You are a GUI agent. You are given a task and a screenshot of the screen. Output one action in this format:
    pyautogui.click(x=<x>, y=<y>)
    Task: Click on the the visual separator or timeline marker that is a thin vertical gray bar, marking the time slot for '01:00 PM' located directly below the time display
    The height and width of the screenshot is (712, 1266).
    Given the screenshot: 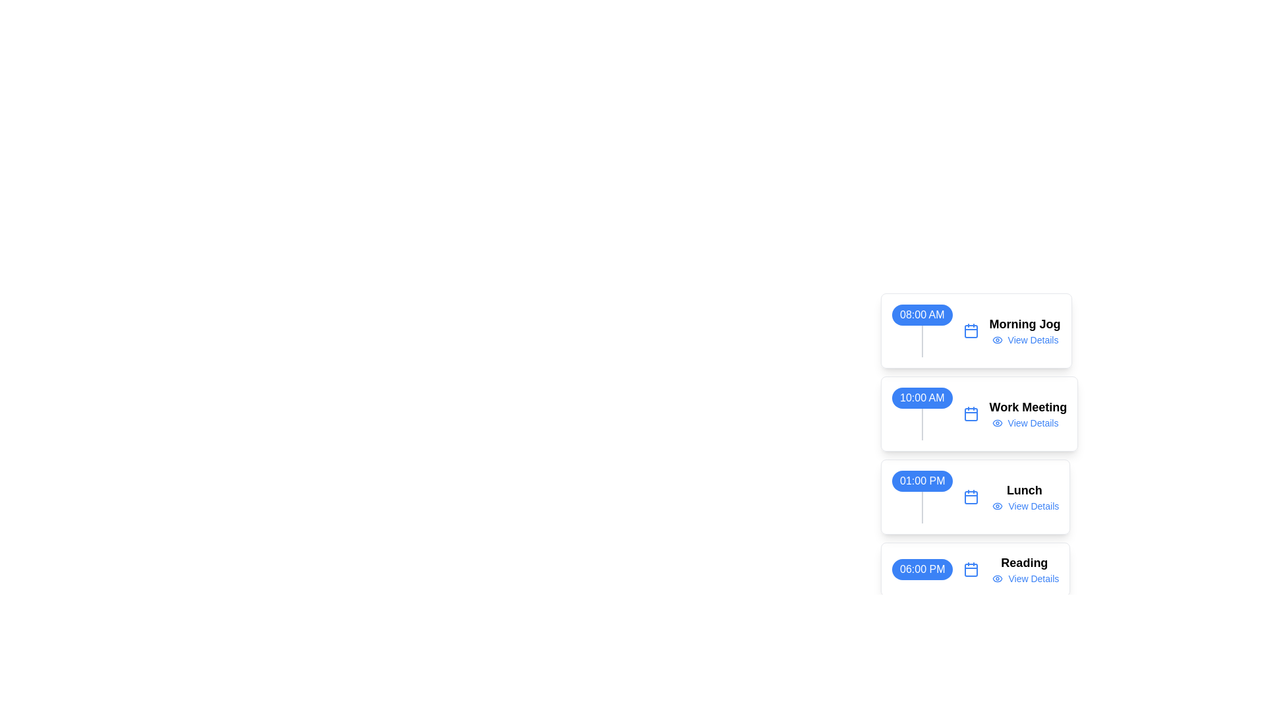 What is the action you would take?
    pyautogui.click(x=922, y=507)
    